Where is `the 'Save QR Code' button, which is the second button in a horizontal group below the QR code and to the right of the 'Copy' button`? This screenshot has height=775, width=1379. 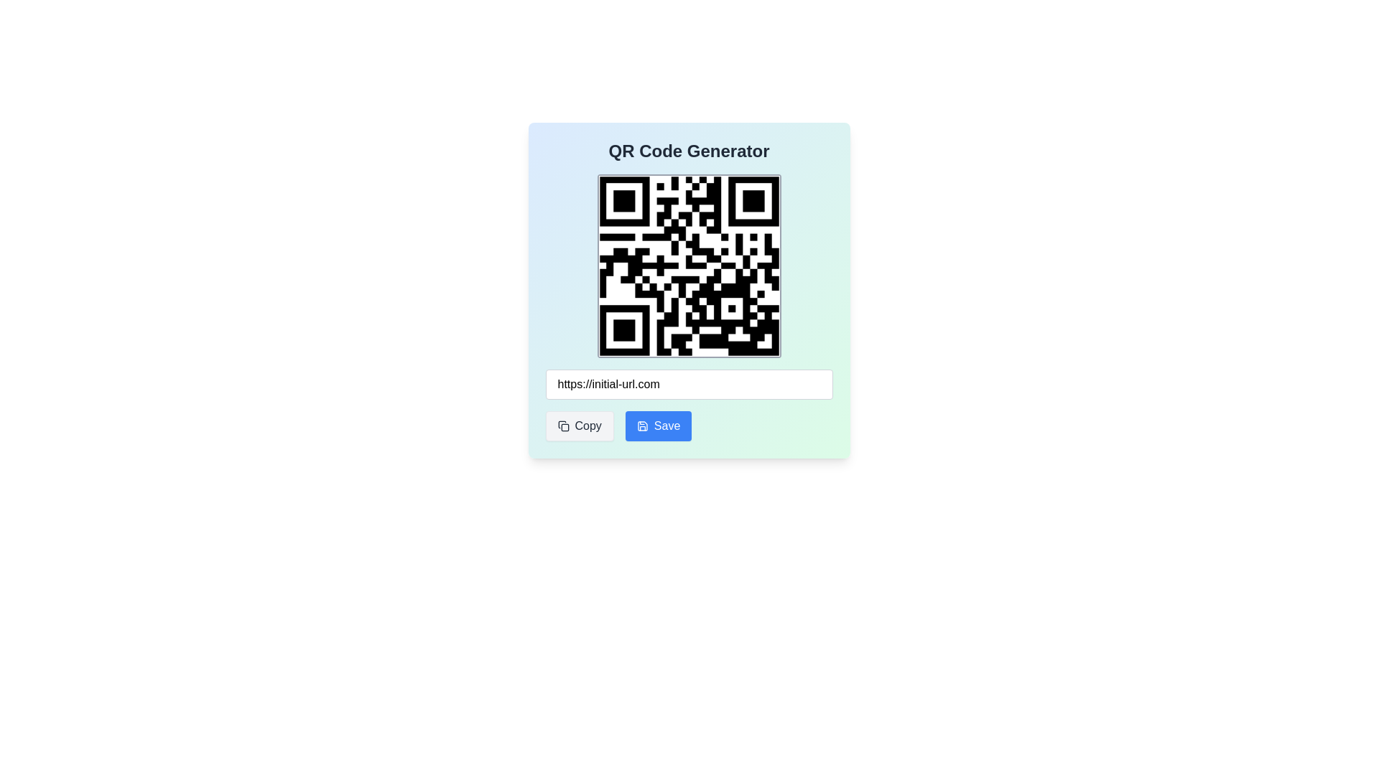 the 'Save QR Code' button, which is the second button in a horizontal group below the QR code and to the right of the 'Copy' button is located at coordinates (658, 426).